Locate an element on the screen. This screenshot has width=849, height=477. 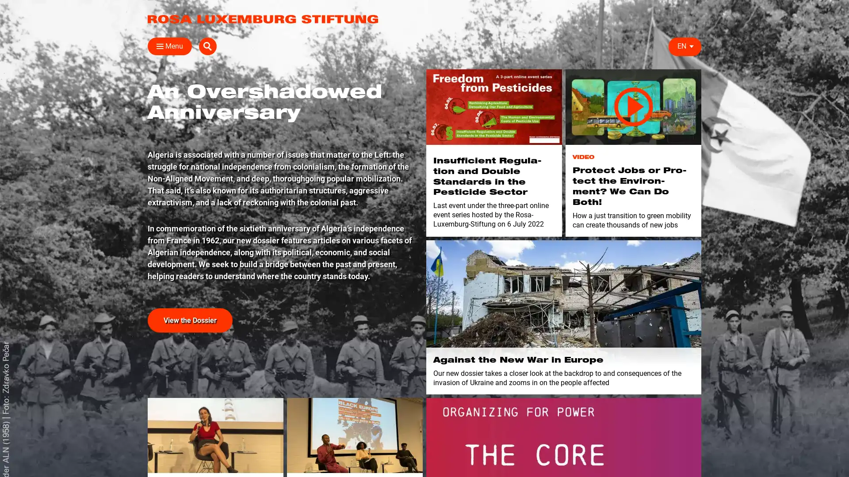
Search is located at coordinates (692, 46).